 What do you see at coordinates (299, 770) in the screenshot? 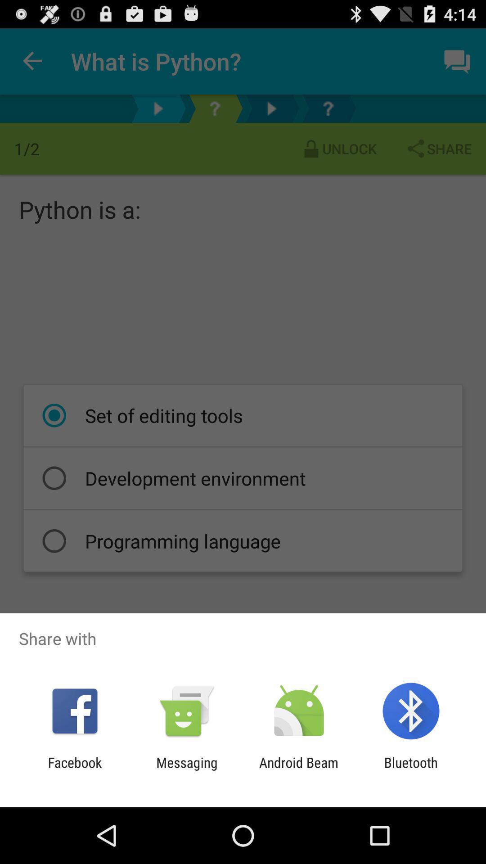
I see `app to the left of the bluetooth app` at bounding box center [299, 770].